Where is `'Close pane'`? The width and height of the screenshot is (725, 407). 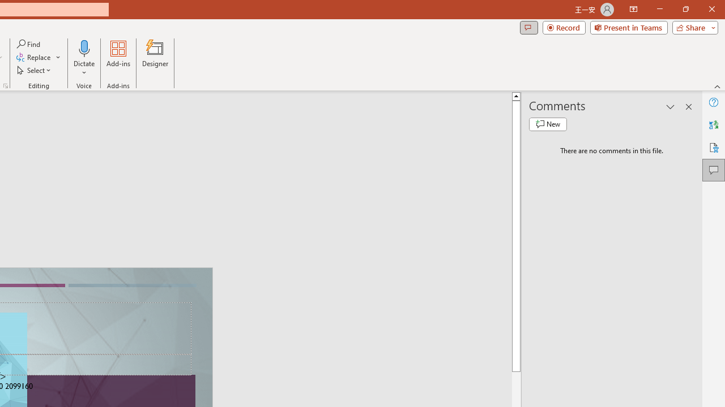
'Close pane' is located at coordinates (688, 107).